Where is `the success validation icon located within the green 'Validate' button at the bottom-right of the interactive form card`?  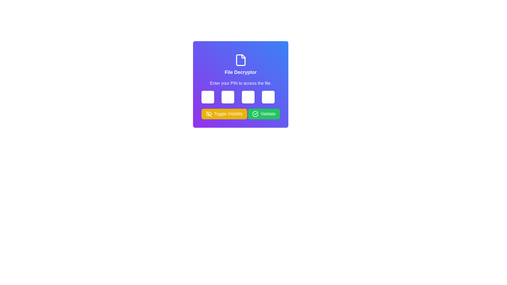 the success validation icon located within the green 'Validate' button at the bottom-right of the interactive form card is located at coordinates (256, 113).